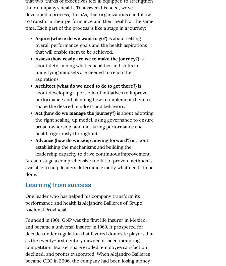  I want to click on 'Aspire (where do we want to go?)', so click(71, 38).